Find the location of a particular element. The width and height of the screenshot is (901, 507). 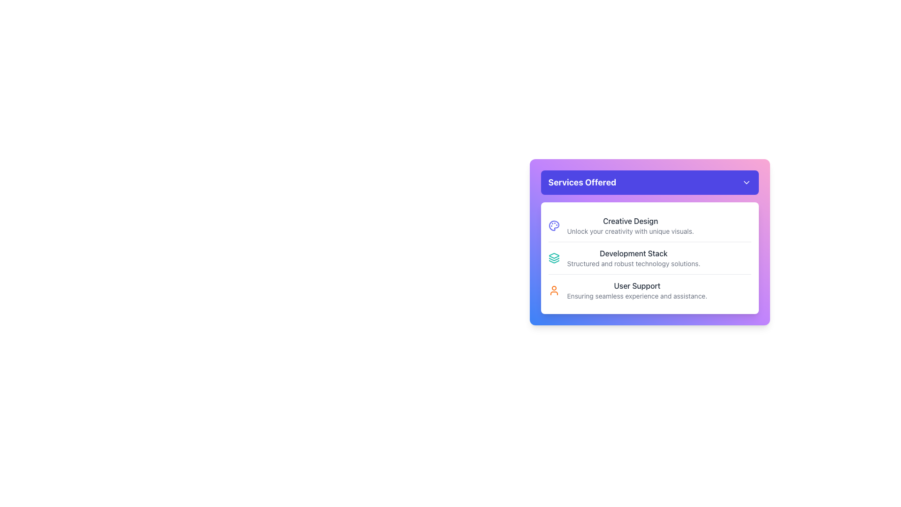

the 'User Support' title text label, which is positioned above the text 'Ensuring seamless experience and assistance.' is located at coordinates (637, 285).